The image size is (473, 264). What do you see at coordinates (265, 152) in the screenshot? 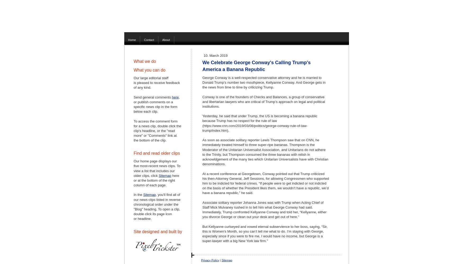
I see `'As soon as associate solitary reporter Lewis Thompson saw that on CNN, he immediately treated himself to three super-ripe bananas. Thompson is the Moderator of the Unitarian Universalist
    Association, and Unitarians do not adhere to the Trinity, but Thompson consumed the three bananas with relish in acknowldgement of the many ties which Unitarian Universalists have with Christian
    denominations.'` at bounding box center [265, 152].